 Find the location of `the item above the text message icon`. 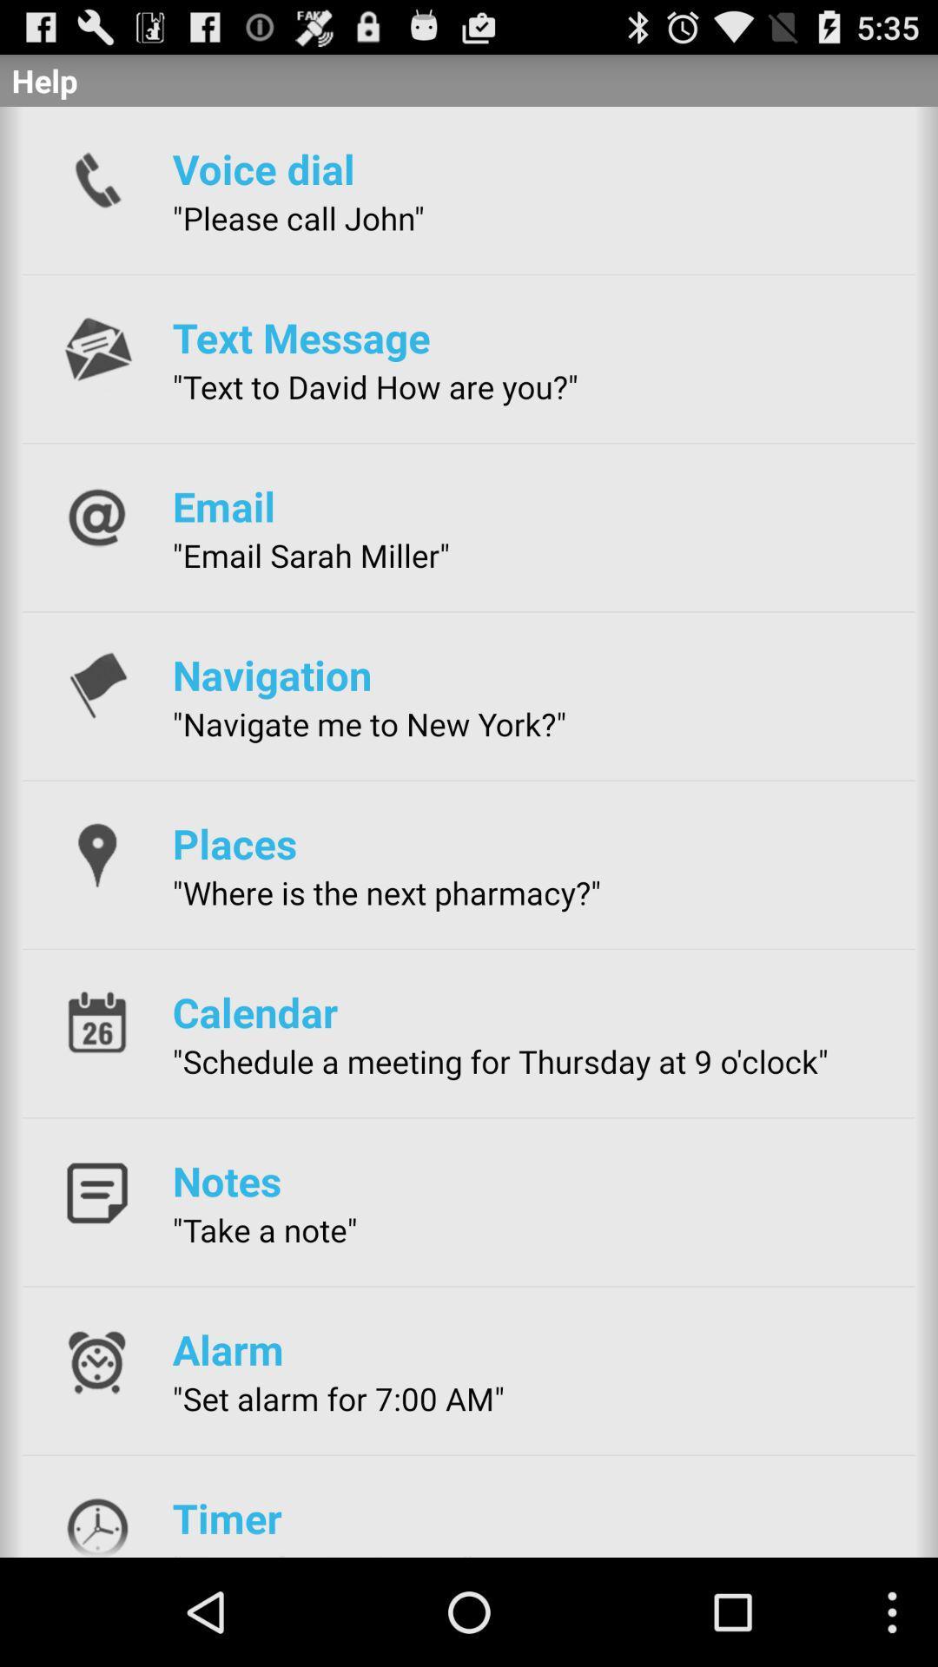

the item above the text message icon is located at coordinates (297, 217).